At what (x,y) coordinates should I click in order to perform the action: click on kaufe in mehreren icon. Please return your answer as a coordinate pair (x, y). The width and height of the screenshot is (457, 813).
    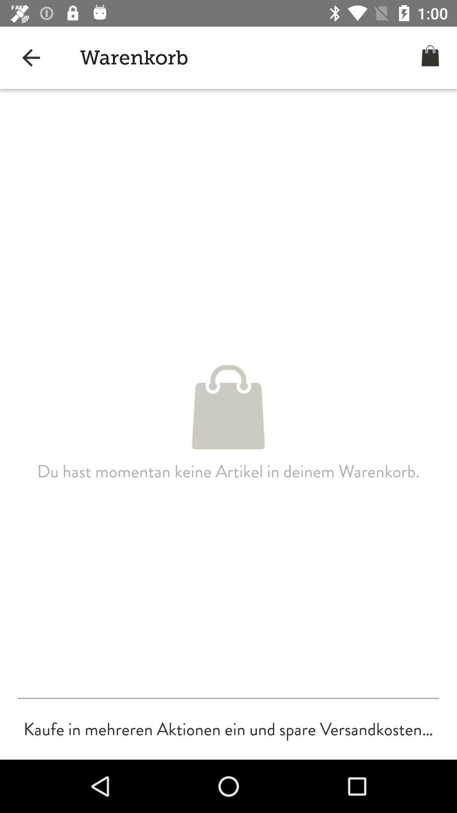
    Looking at the image, I should click on (228, 729).